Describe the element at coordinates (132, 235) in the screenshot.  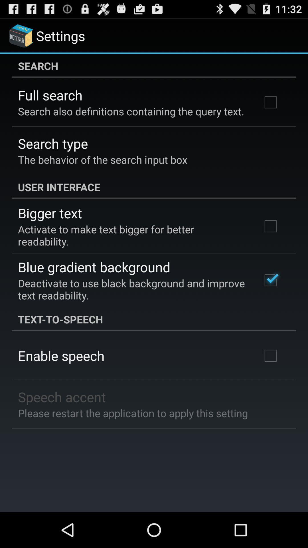
I see `the icon above blue gradient background icon` at that location.